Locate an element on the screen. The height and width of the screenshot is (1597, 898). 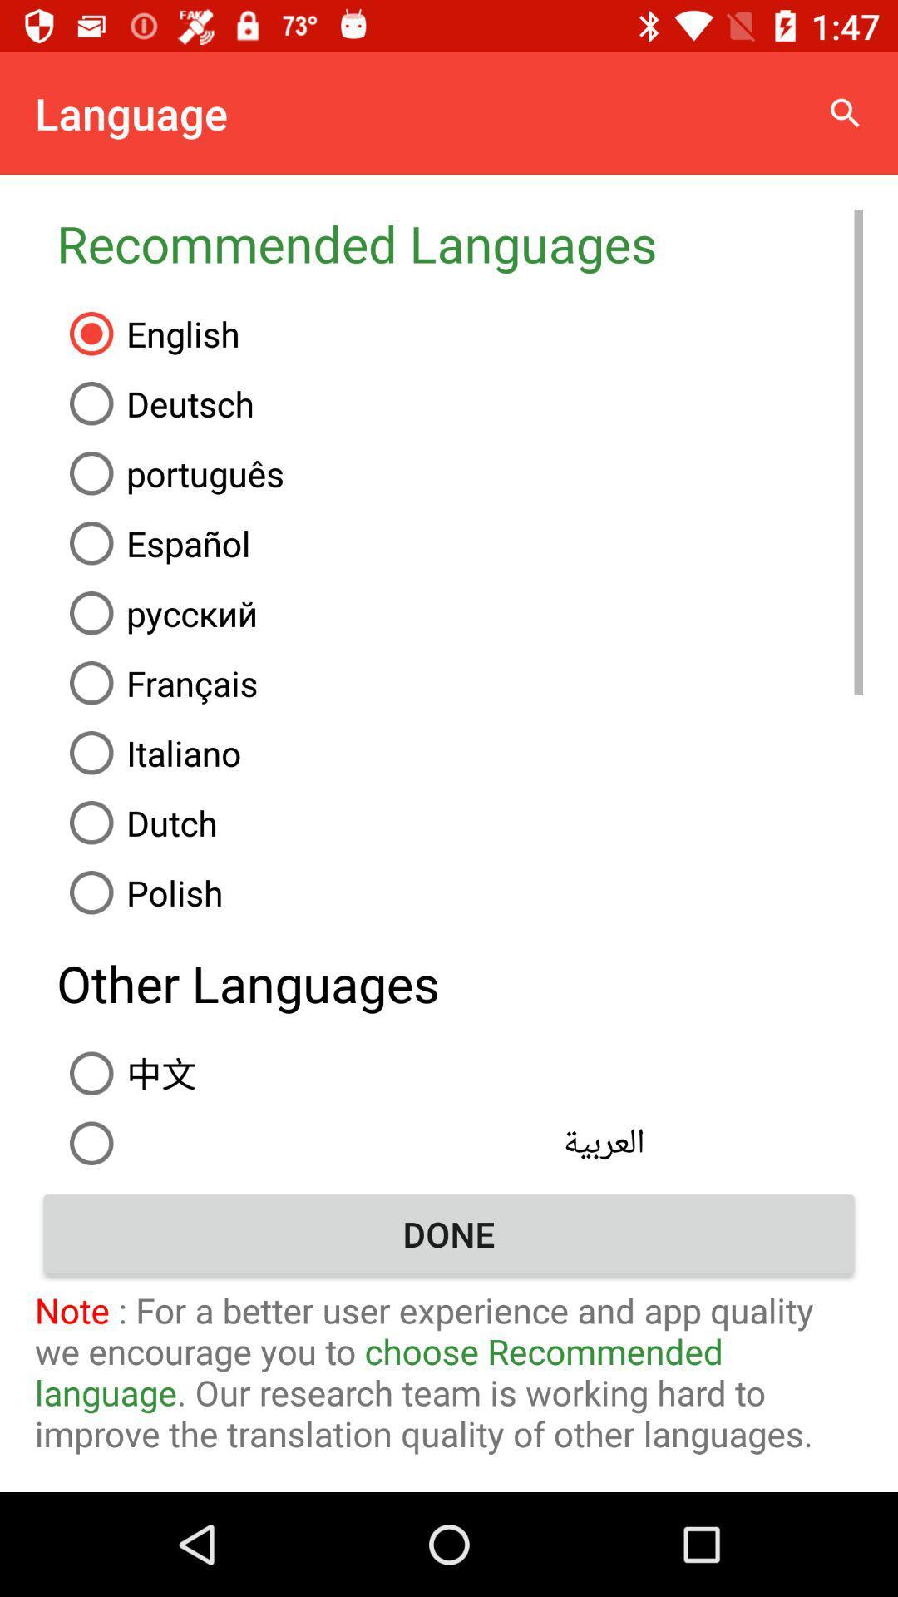
the dutch is located at coordinates (460, 823).